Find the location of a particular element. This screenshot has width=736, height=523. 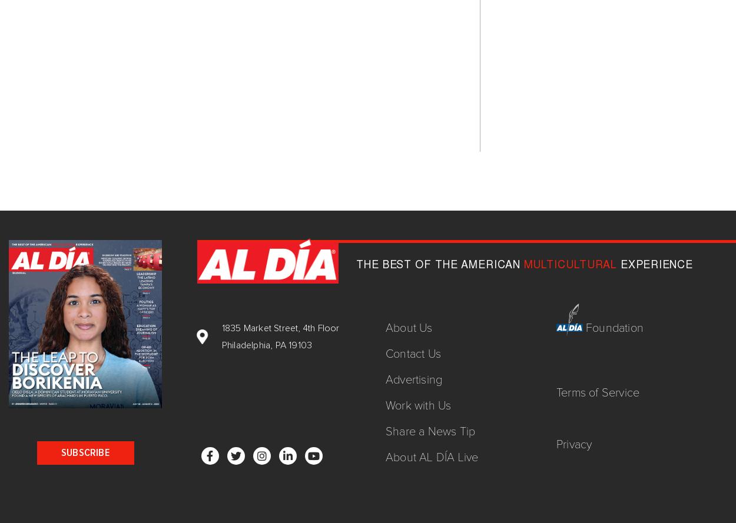

'Philadelphia, PA 19103' is located at coordinates (266, 344).